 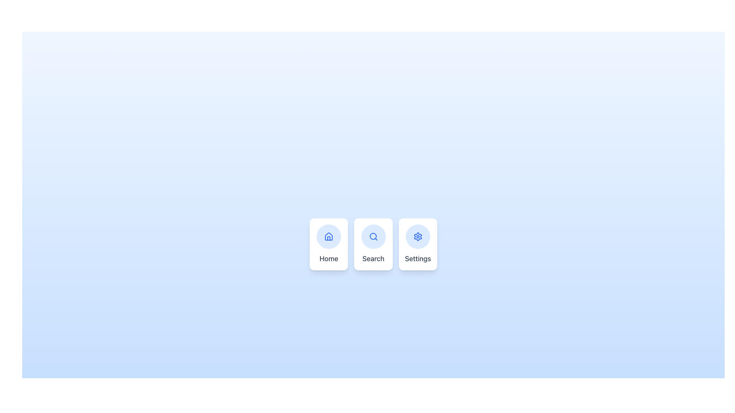 I want to click on the search Button-like card located in the center of a three-card layout, which is flanked by the 'Home' card on the left and the 'Settings' card on the right, so click(x=373, y=244).